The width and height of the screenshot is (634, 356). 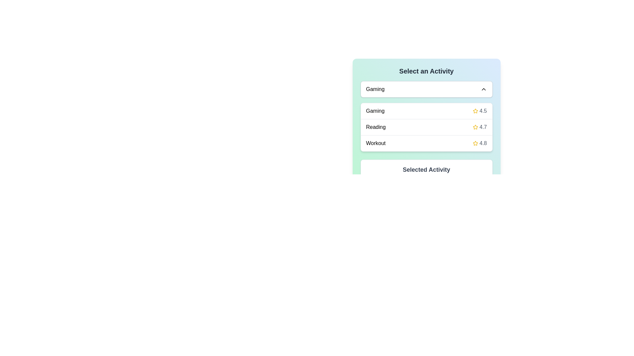 What do you see at coordinates (475, 110) in the screenshot?
I see `the rating icon located in the dropdown list titled 'Select an Activity', positioned to the right of the text 'Gaming' and left of the numeric label '4.5'` at bounding box center [475, 110].